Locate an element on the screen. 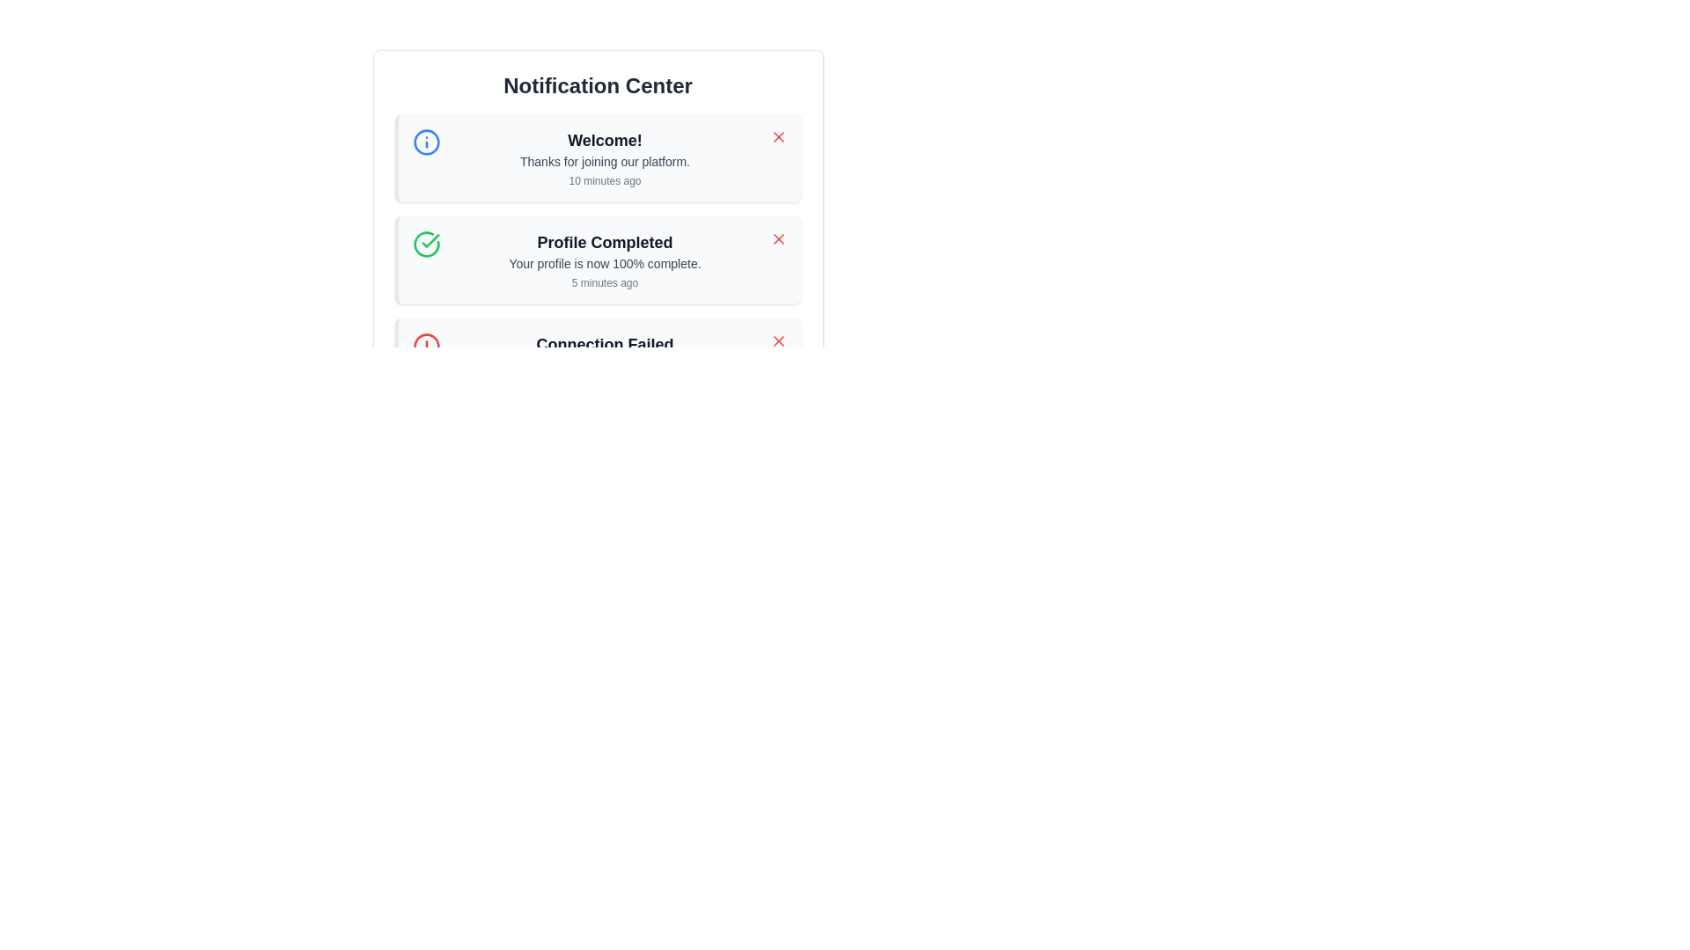 The height and width of the screenshot is (950, 1690). the 'Notification Center' static text label which is prominently displayed at the top of the notification panel, styled in bold and large dark gray font is located at coordinates (598, 85).